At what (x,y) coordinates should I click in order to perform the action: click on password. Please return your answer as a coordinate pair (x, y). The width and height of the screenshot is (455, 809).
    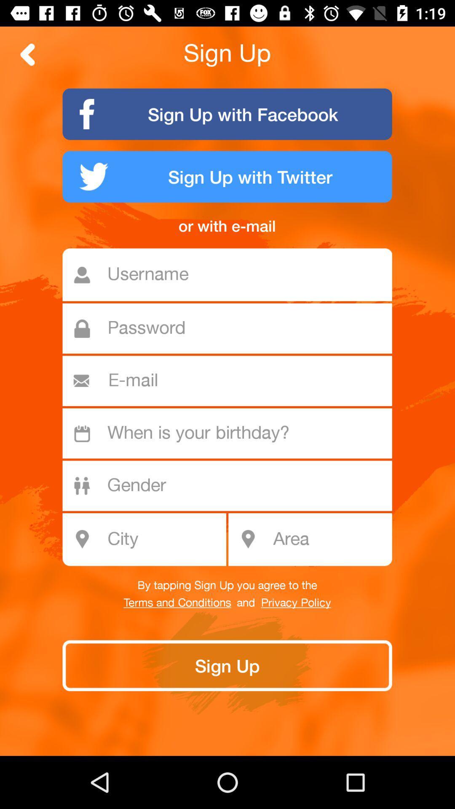
    Looking at the image, I should click on (232, 328).